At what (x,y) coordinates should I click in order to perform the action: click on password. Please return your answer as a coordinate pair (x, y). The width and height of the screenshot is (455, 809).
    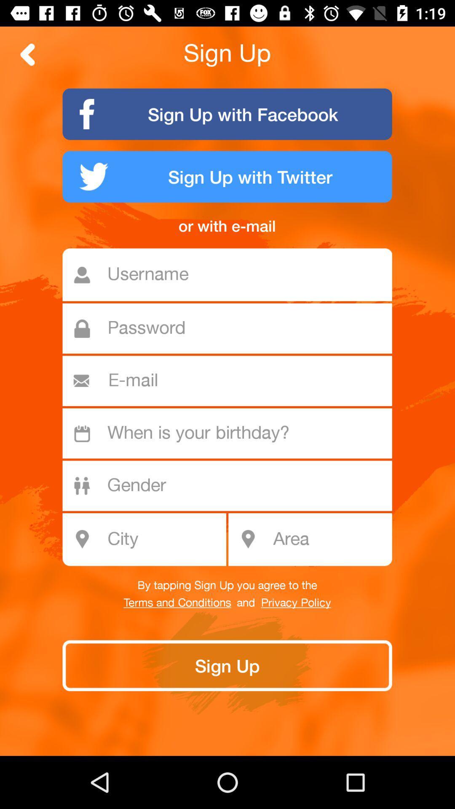
    Looking at the image, I should click on (232, 328).